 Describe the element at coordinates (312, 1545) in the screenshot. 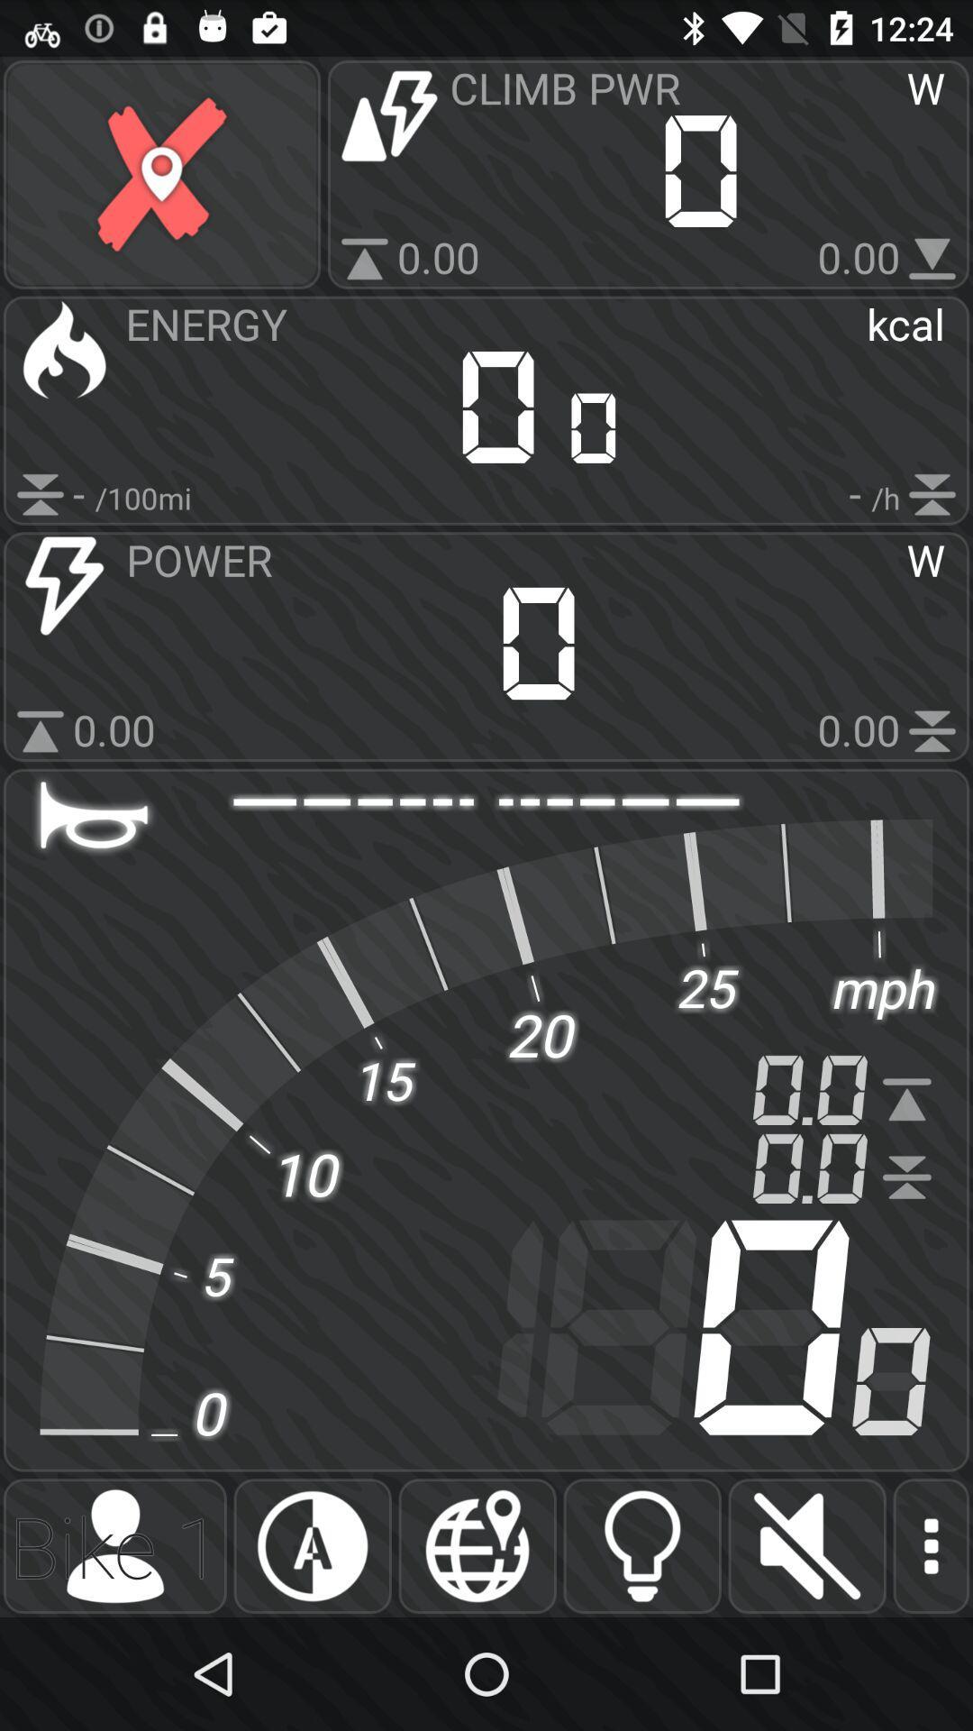

I see `text contrast` at that location.